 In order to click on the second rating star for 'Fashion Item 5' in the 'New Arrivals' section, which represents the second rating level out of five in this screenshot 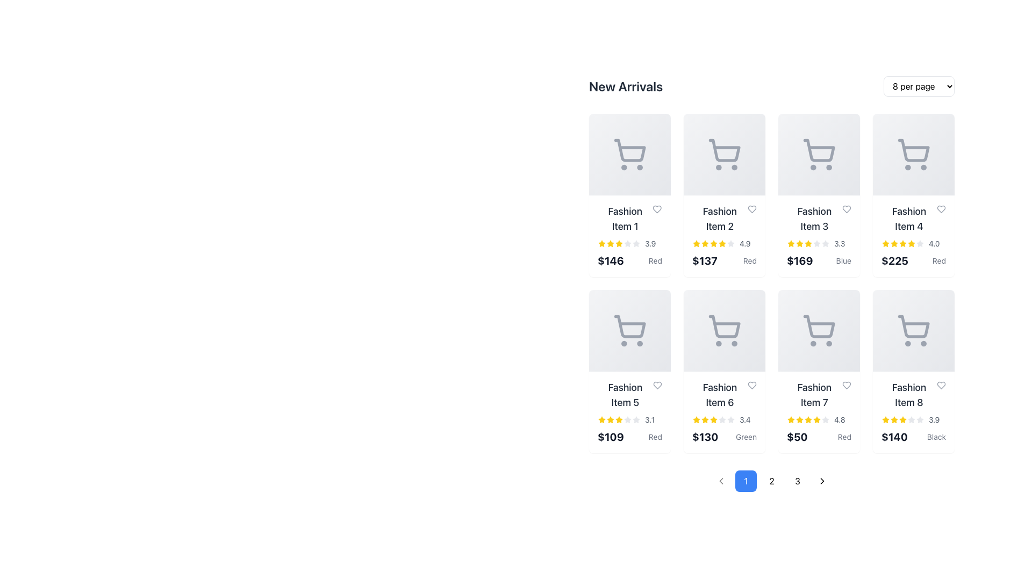, I will do `click(611, 419)`.